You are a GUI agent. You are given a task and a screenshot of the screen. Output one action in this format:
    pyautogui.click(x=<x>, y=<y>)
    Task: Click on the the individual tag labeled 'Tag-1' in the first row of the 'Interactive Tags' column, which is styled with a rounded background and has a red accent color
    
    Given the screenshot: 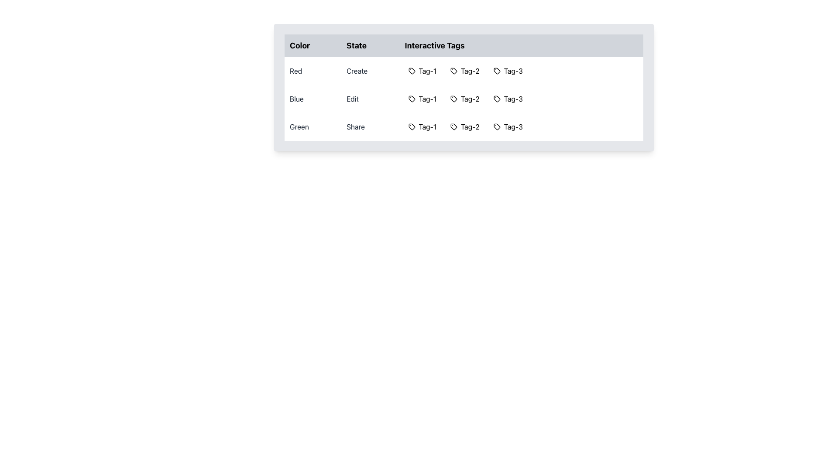 What is the action you would take?
    pyautogui.click(x=521, y=70)
    